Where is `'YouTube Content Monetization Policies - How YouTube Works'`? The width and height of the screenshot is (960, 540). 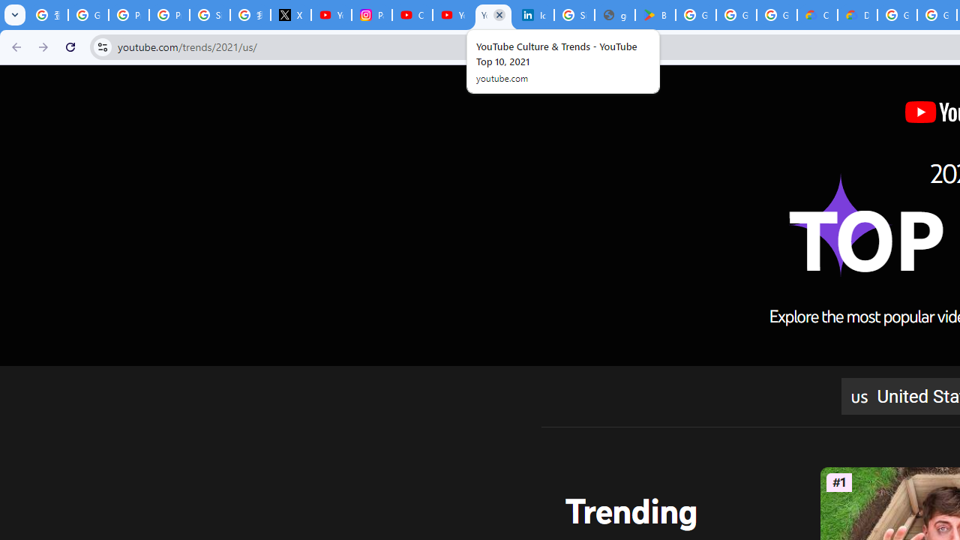 'YouTube Content Monetization Policies - How YouTube Works' is located at coordinates (330, 15).